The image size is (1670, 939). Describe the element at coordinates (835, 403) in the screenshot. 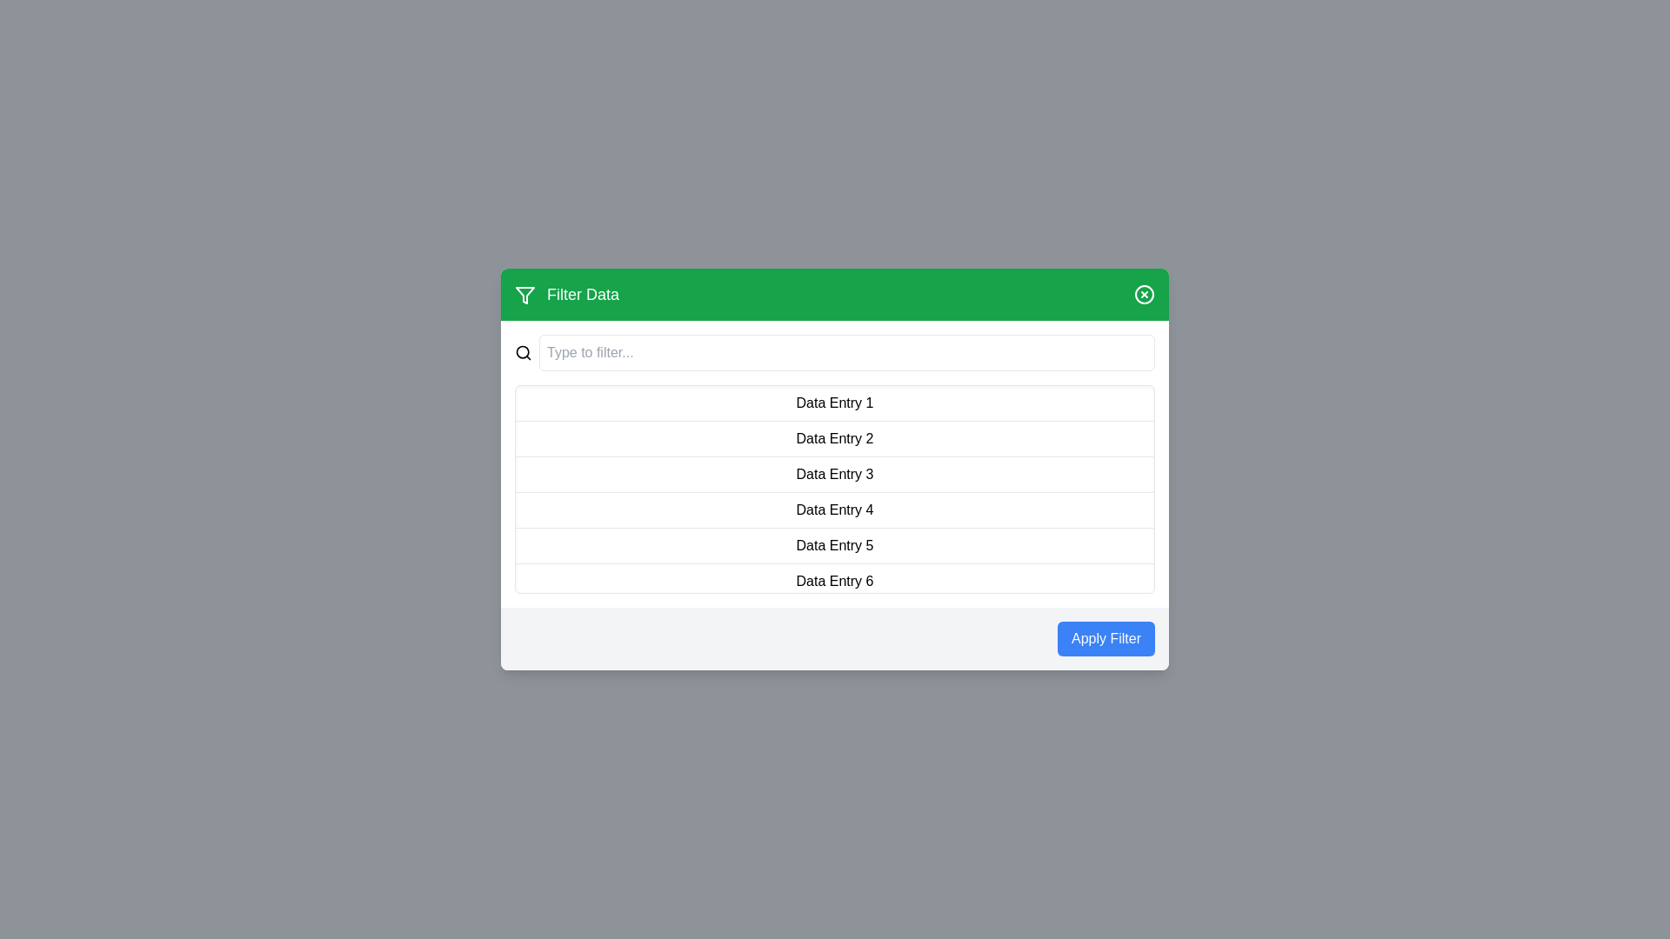

I see `the item Data Entry 1 from the filtered data list` at that location.